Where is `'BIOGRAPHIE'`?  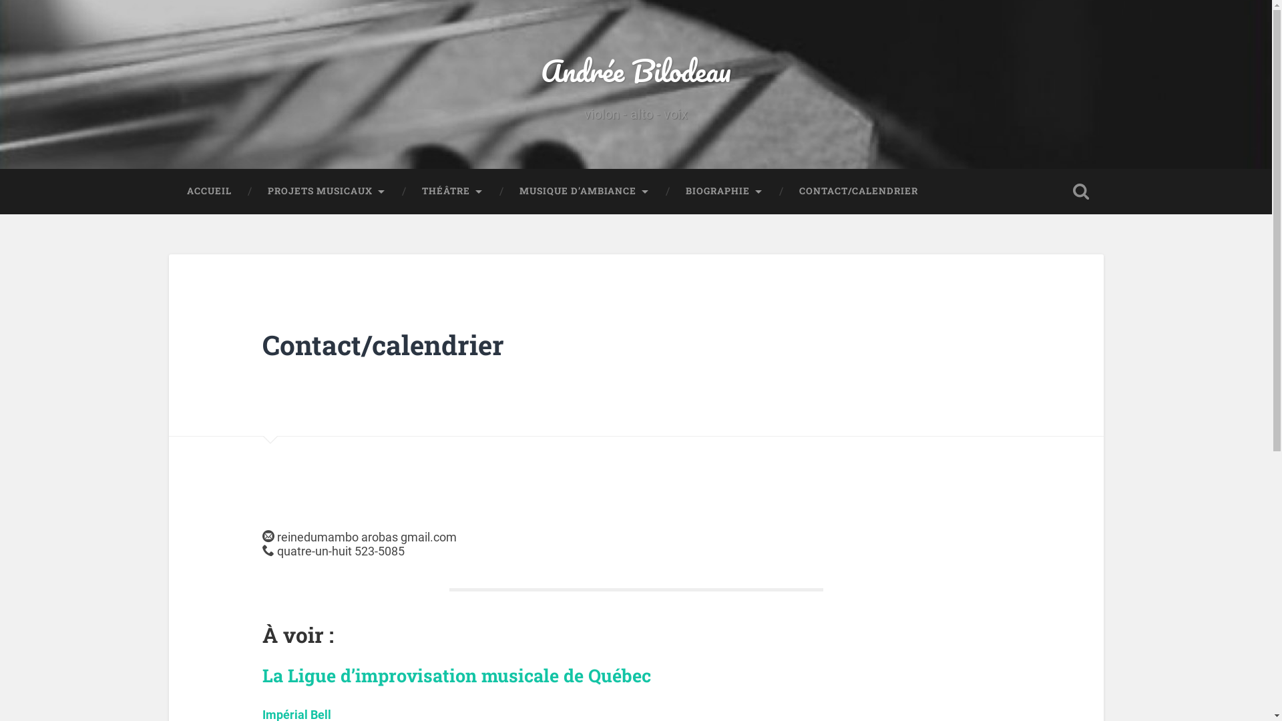
'BIOGRAPHIE' is located at coordinates (723, 191).